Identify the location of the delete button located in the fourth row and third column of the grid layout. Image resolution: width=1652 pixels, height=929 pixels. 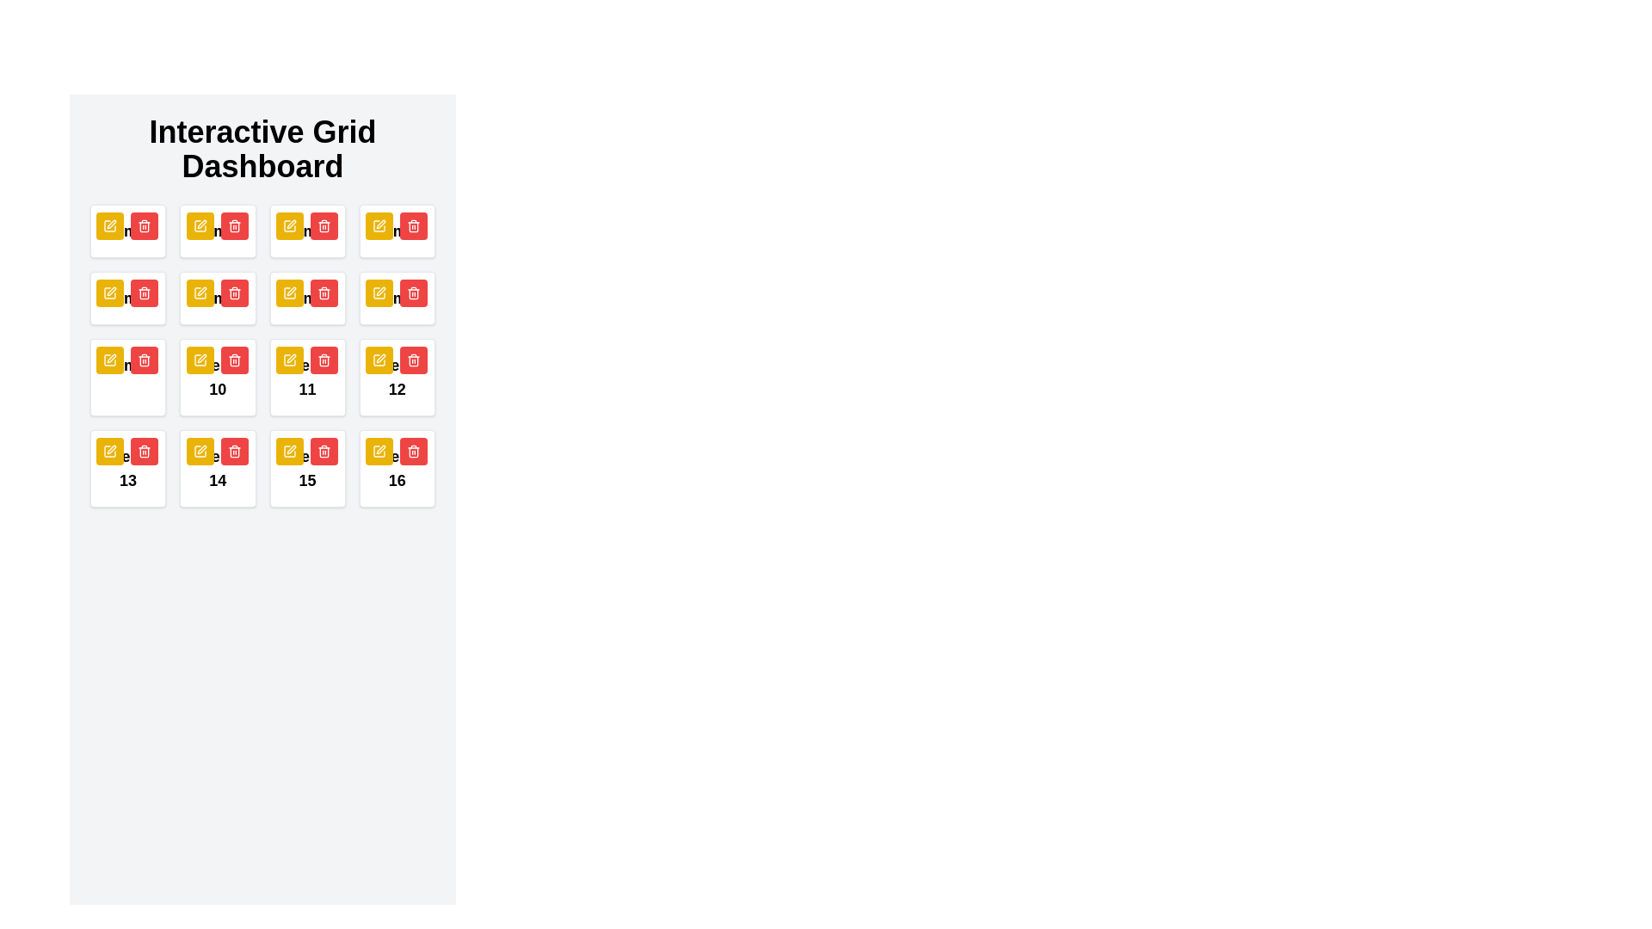
(324, 292).